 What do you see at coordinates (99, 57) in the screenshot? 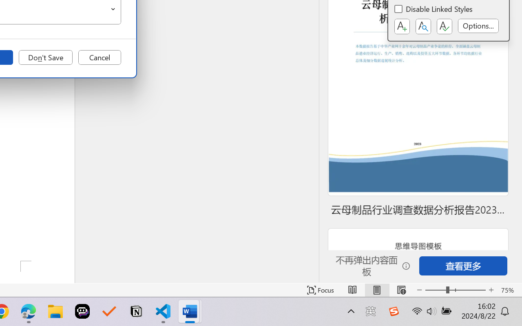
I see `'Cancel'` at bounding box center [99, 57].